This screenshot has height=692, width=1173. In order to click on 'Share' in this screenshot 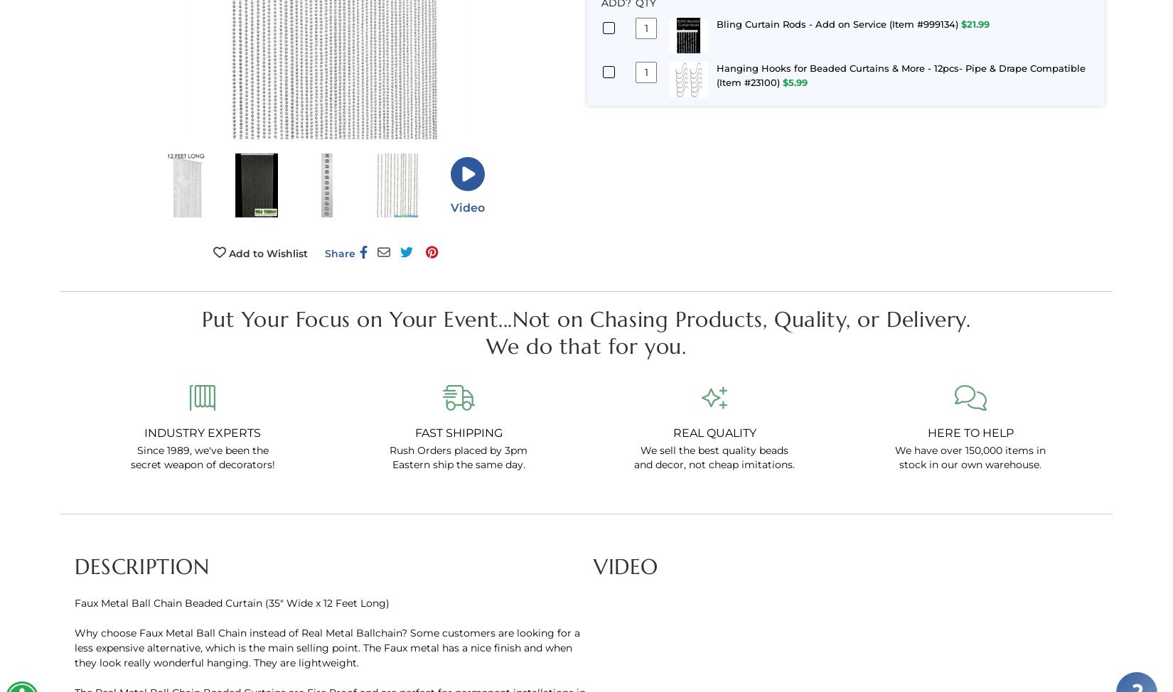, I will do `click(338, 252)`.